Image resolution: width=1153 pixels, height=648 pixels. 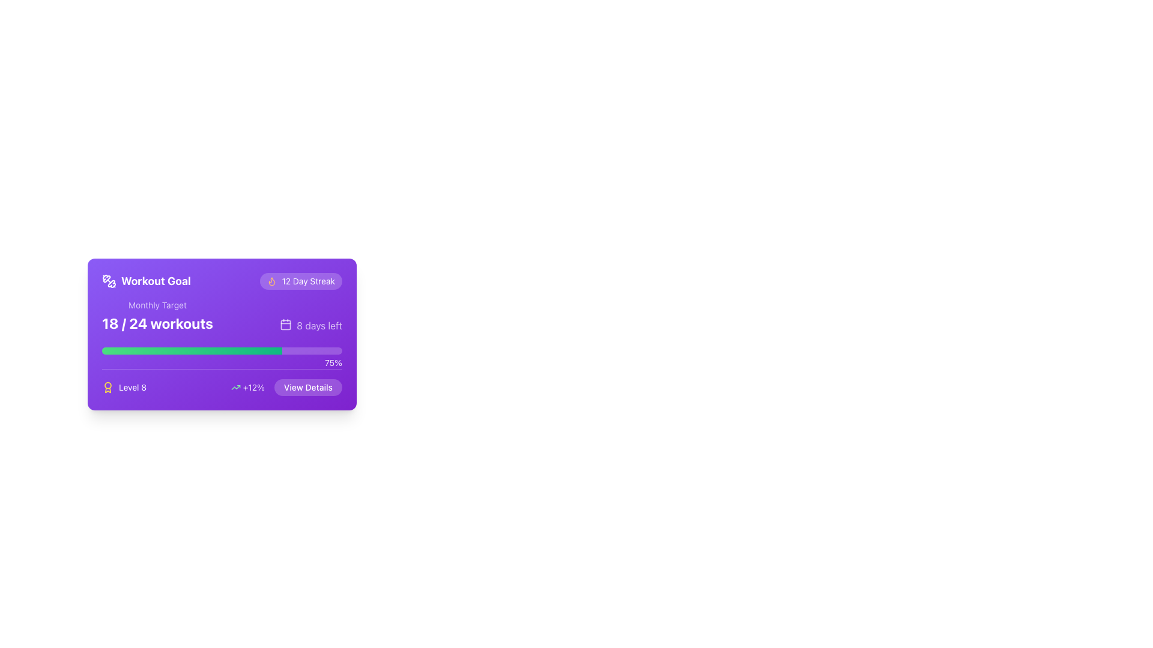 What do you see at coordinates (319, 326) in the screenshot?
I see `remaining time information displayed in the text label indicating '8 days', which is positioned to the top-right of a purple card layout` at bounding box center [319, 326].